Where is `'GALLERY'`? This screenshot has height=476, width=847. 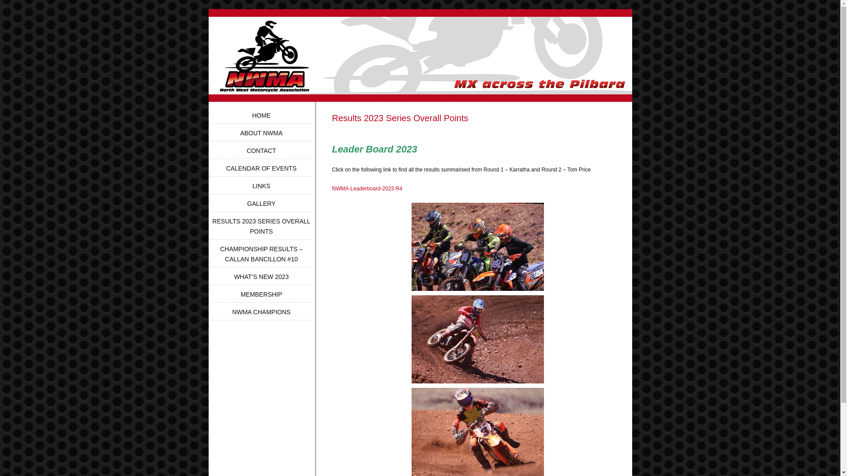 'GALLERY' is located at coordinates (247, 204).